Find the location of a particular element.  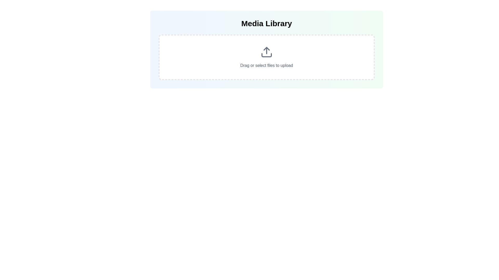

the rectangle part of the upload icon, which is located beneath the upward arrow and is part of an outlined area with dashed borders is located at coordinates (267, 55).